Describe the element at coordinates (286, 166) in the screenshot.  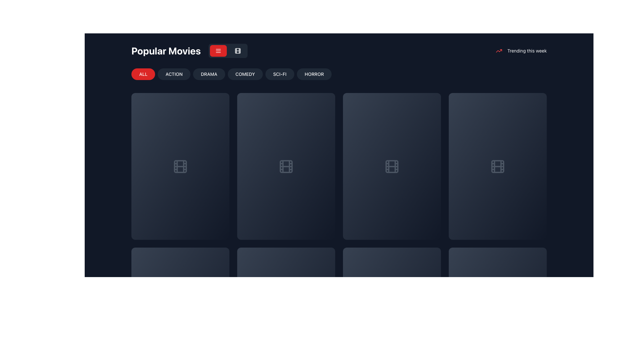
I see `the film reel icon with a light gray outline located in the center of the third cell in the first row of the grid layout to interact with it` at that location.